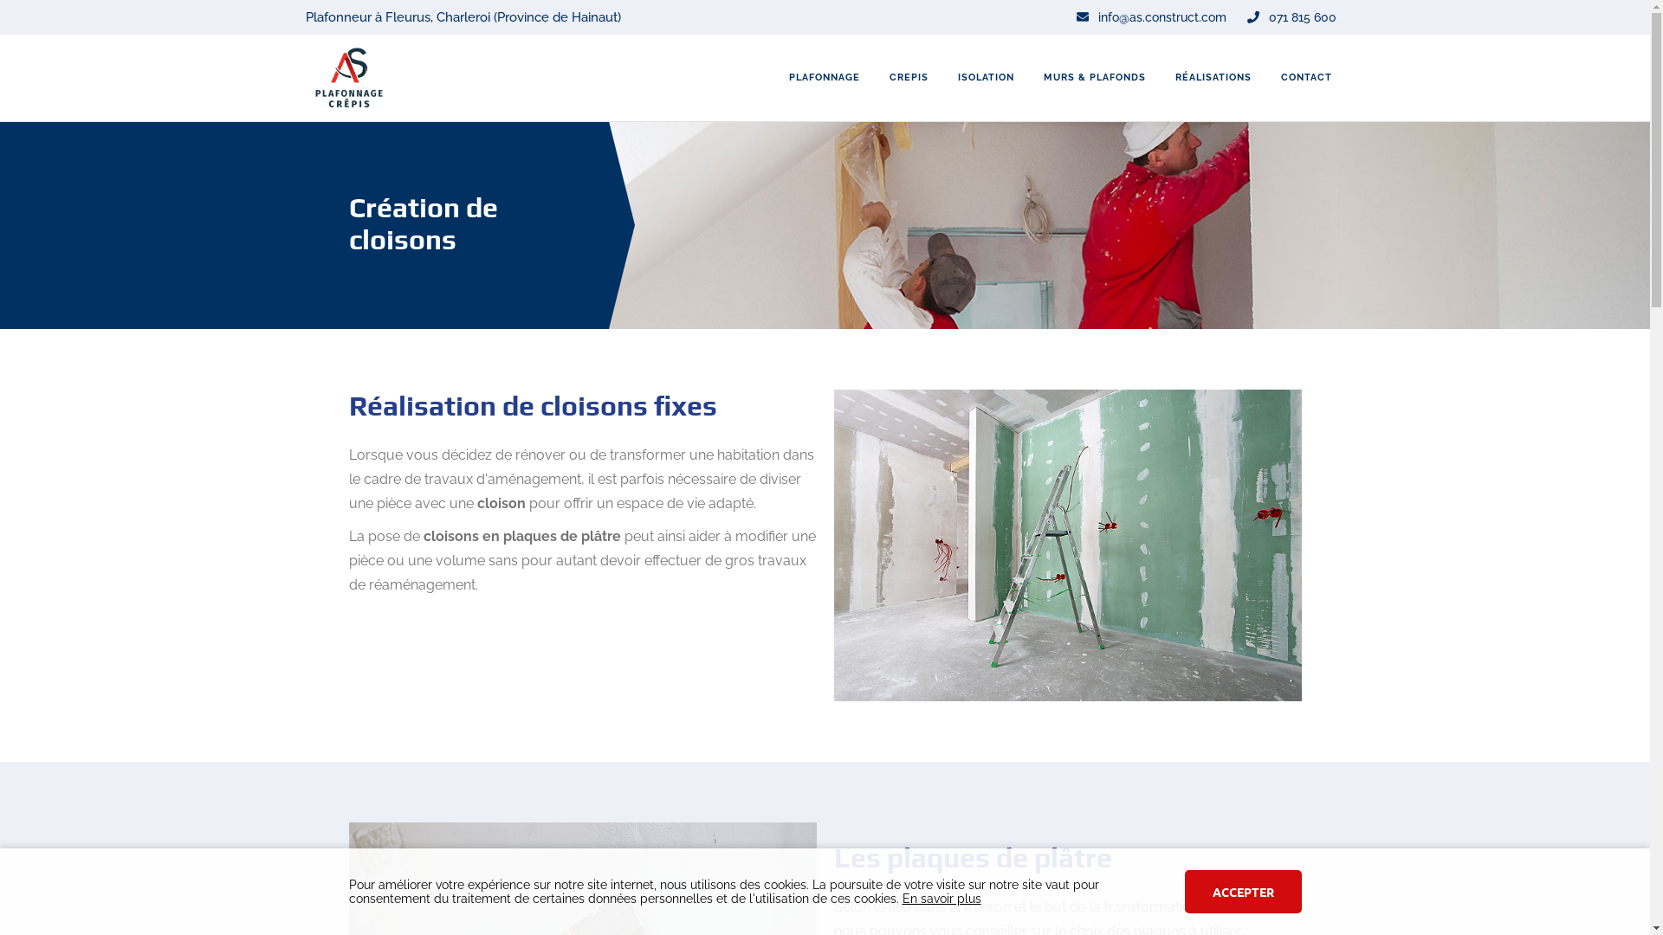  What do you see at coordinates (1031, 76) in the screenshot?
I see `'MURS & PLAFONDS'` at bounding box center [1031, 76].